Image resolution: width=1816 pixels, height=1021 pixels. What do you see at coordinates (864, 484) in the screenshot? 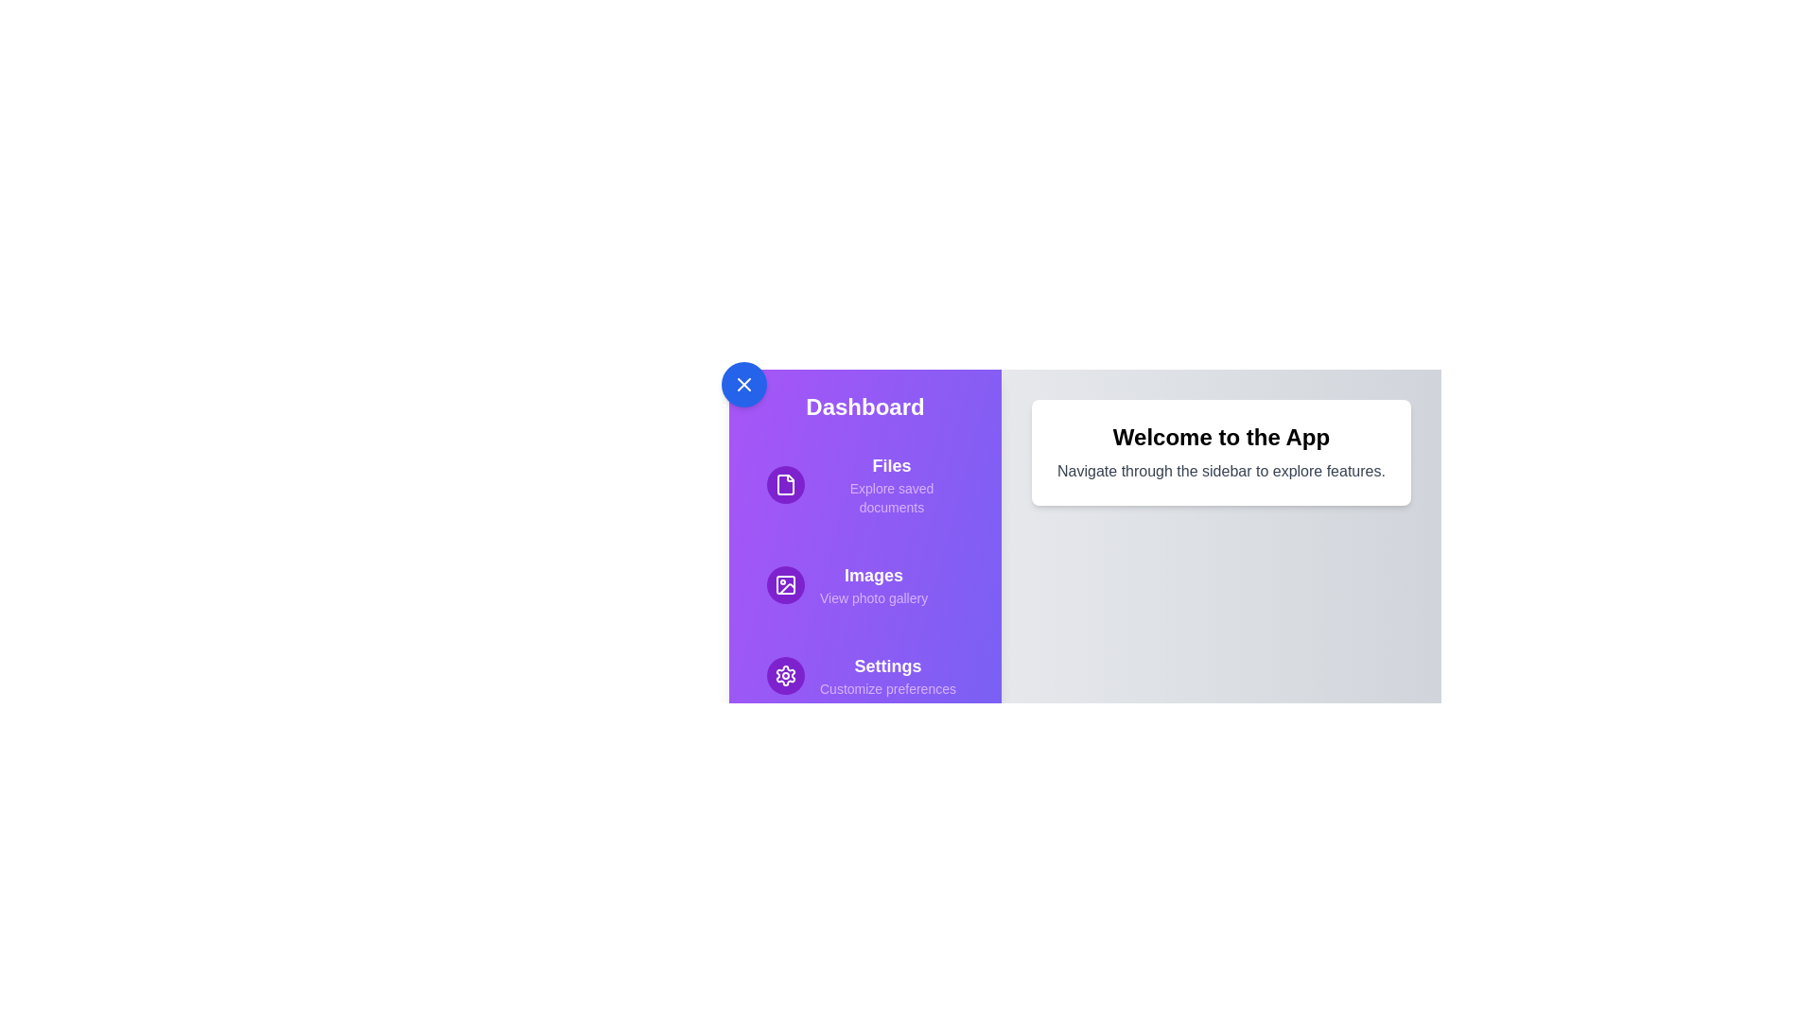
I see `the menu item Files to view its highlight effect` at bounding box center [864, 484].